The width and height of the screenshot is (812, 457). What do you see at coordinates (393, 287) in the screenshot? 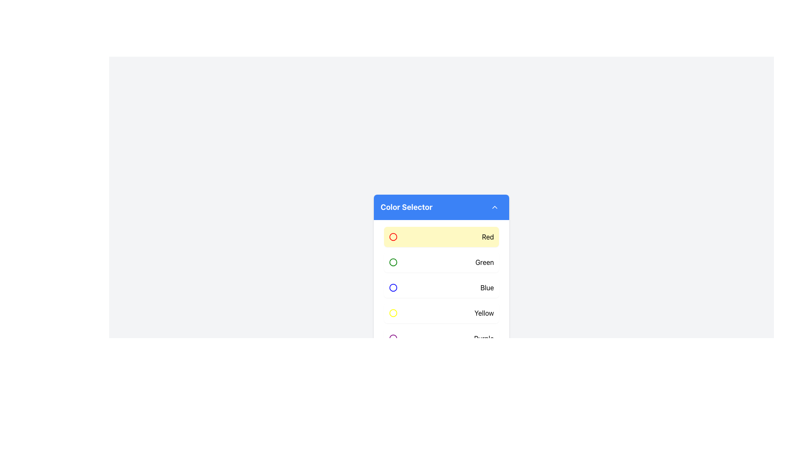
I see `the circular shape used as a selectable option in the color-selection menu labeled 'Blue'` at bounding box center [393, 287].